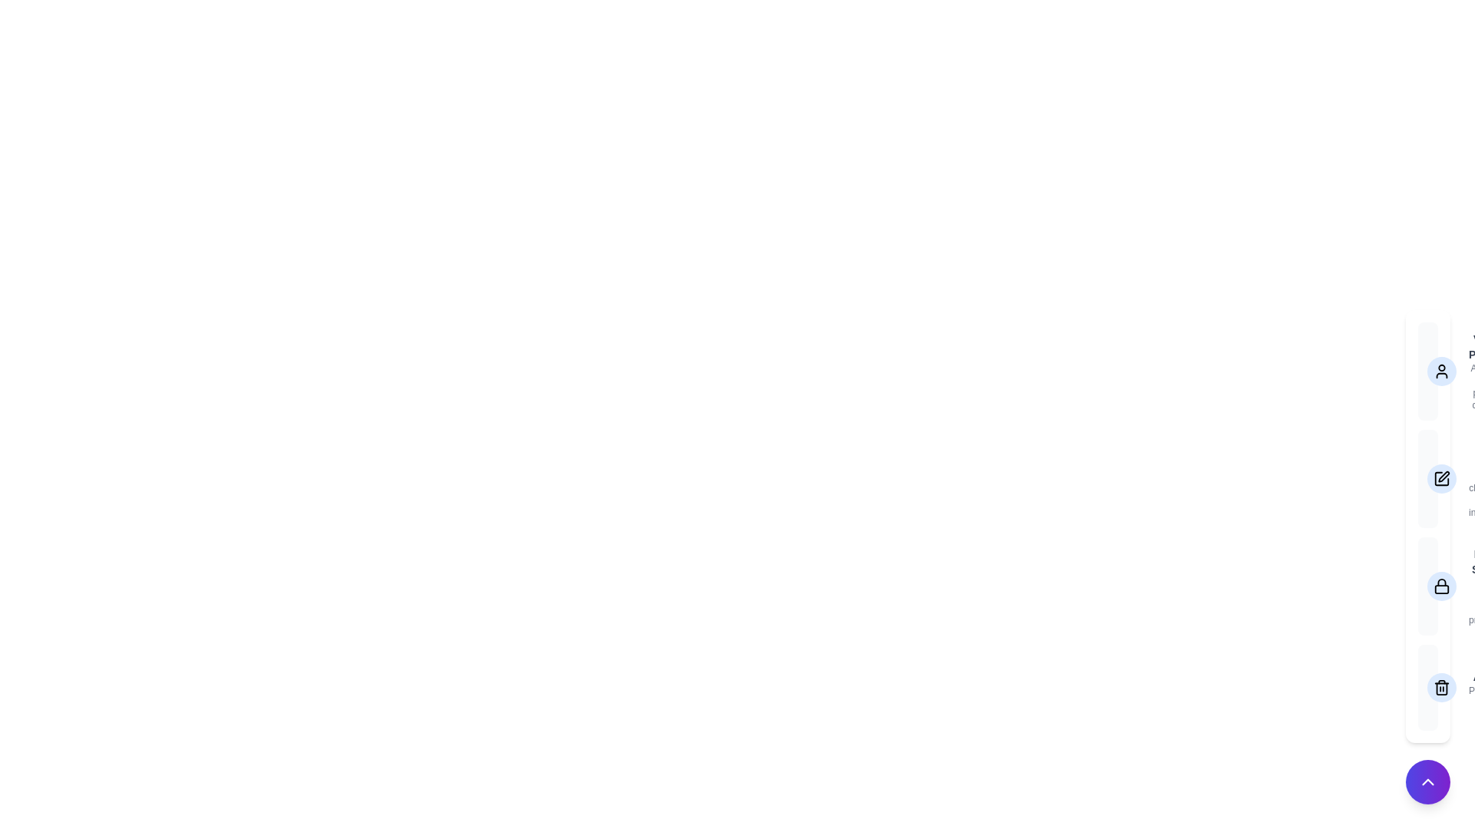 This screenshot has width=1475, height=829. Describe the element at coordinates (1427, 586) in the screenshot. I see `the option Privacy Settings to view its details` at that location.